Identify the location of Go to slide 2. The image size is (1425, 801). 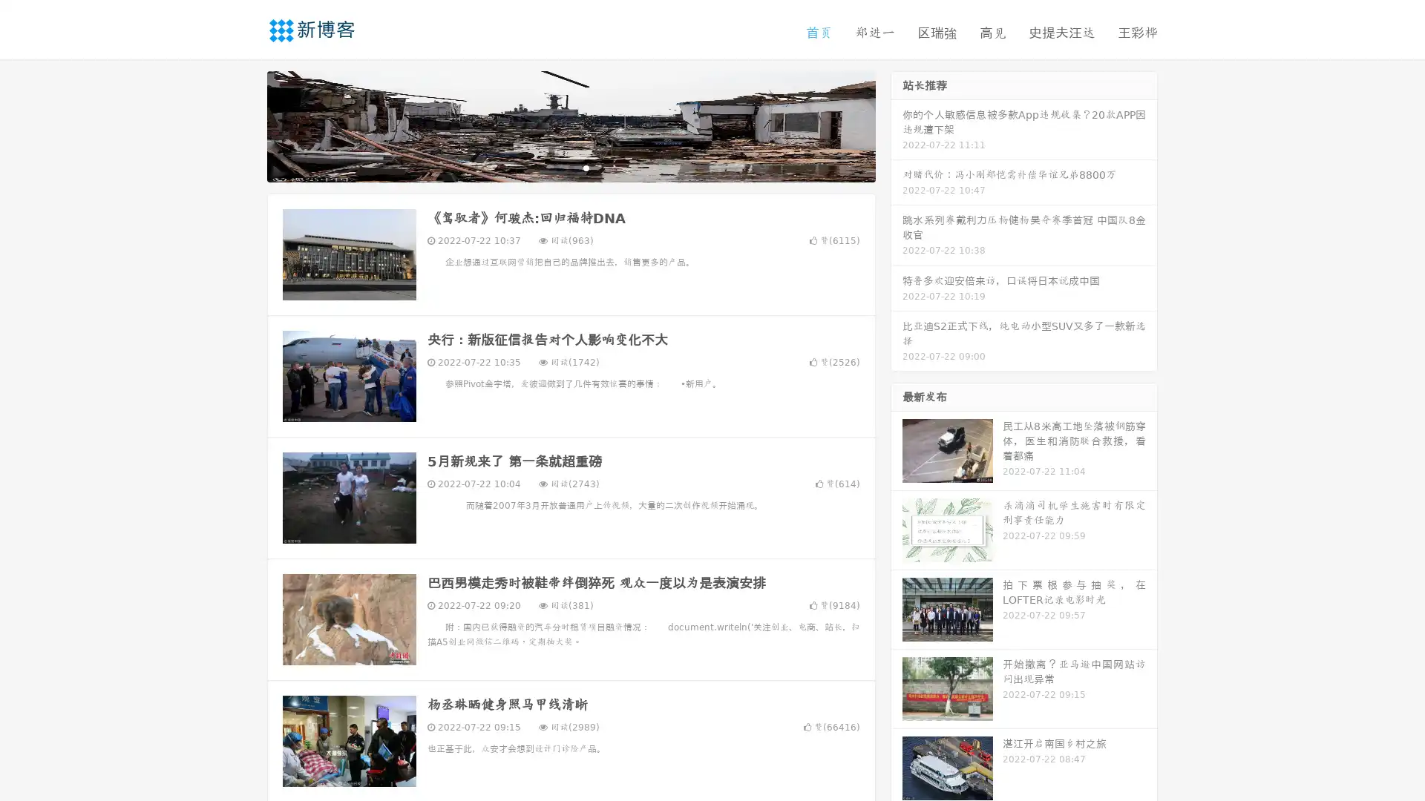
(570, 167).